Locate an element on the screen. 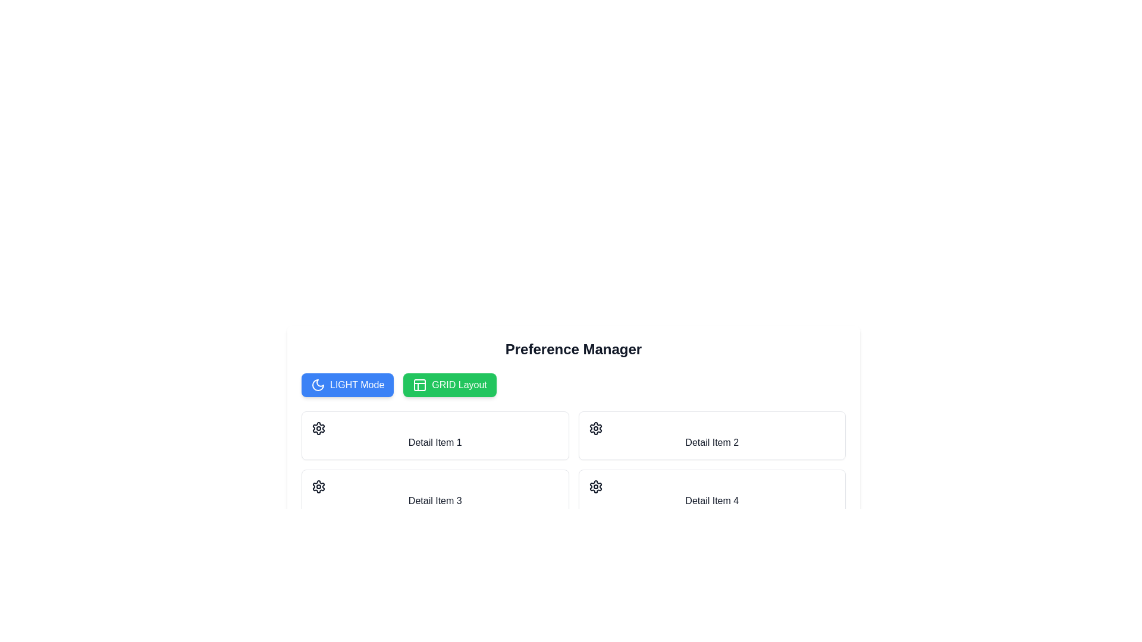  the settings icon, which is a cogwheel styled with a minimalist outline design in black, located in the top-left corner of the card labeled 'Detail Item 1' is located at coordinates (319, 429).